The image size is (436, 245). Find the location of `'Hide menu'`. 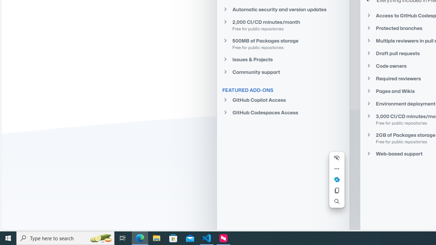

'Hide menu' is located at coordinates (337, 158).